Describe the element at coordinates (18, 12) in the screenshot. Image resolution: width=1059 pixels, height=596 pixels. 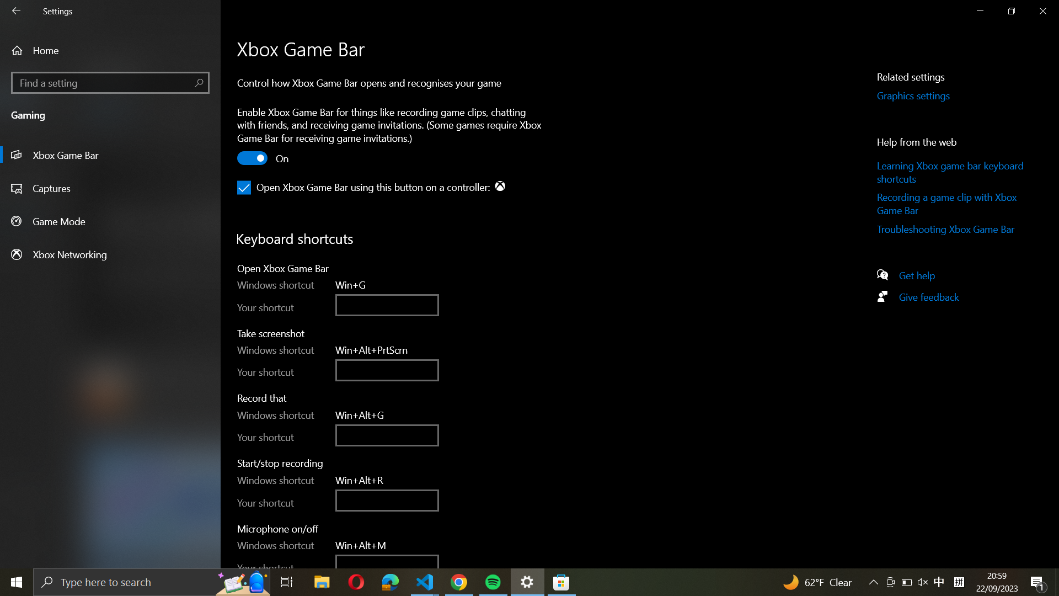
I see `the back arrow to navigate to the earlier settings page` at that location.